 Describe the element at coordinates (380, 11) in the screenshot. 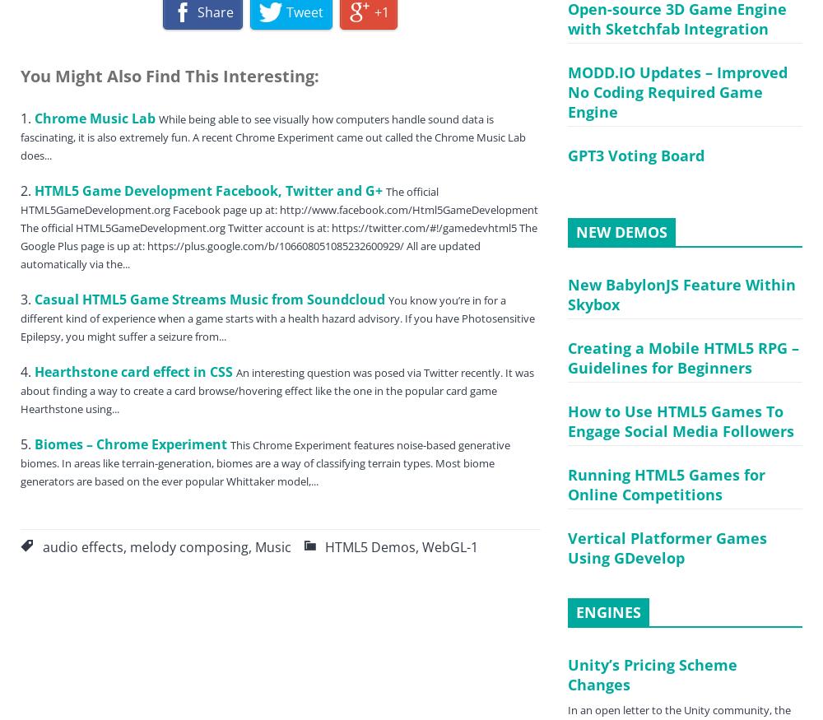

I see `'+1'` at that location.